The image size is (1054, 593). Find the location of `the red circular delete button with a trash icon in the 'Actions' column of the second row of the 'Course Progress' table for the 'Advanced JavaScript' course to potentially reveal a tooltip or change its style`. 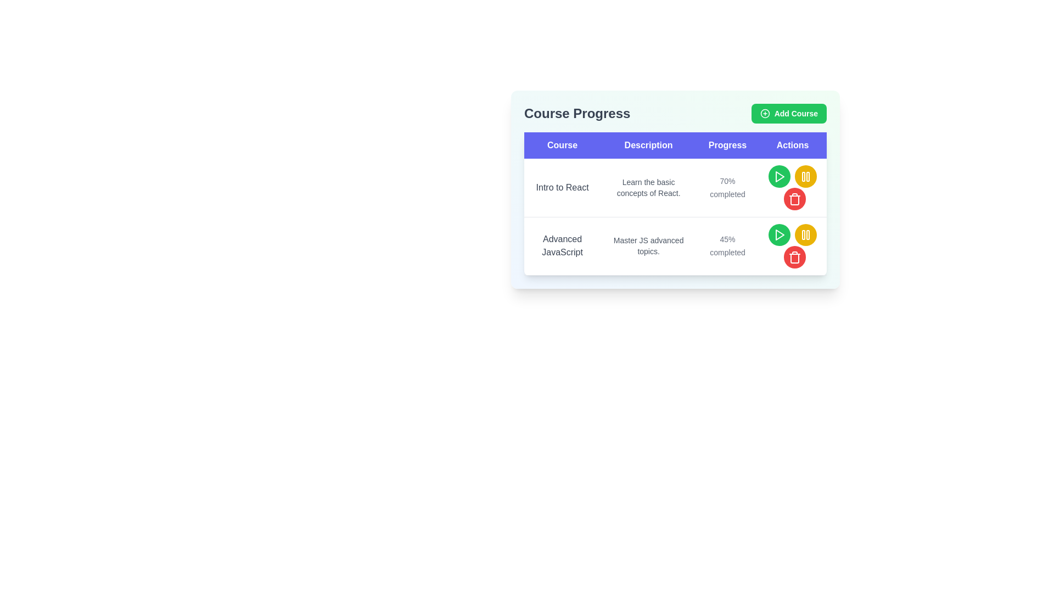

the red circular delete button with a trash icon in the 'Actions' column of the second row of the 'Course Progress' table for the 'Advanced JavaScript' course to potentially reveal a tooltip or change its style is located at coordinates (793, 245).